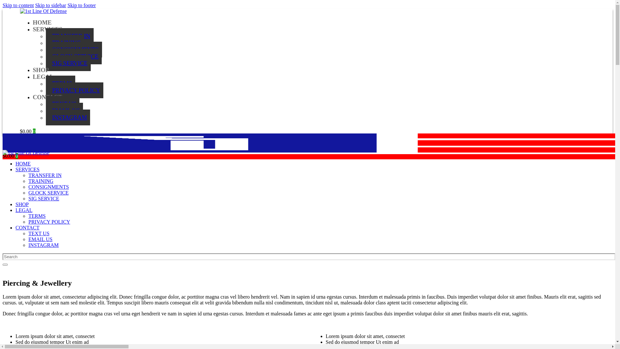 The width and height of the screenshot is (620, 349). What do you see at coordinates (40, 181) in the screenshot?
I see `'TRAINING'` at bounding box center [40, 181].